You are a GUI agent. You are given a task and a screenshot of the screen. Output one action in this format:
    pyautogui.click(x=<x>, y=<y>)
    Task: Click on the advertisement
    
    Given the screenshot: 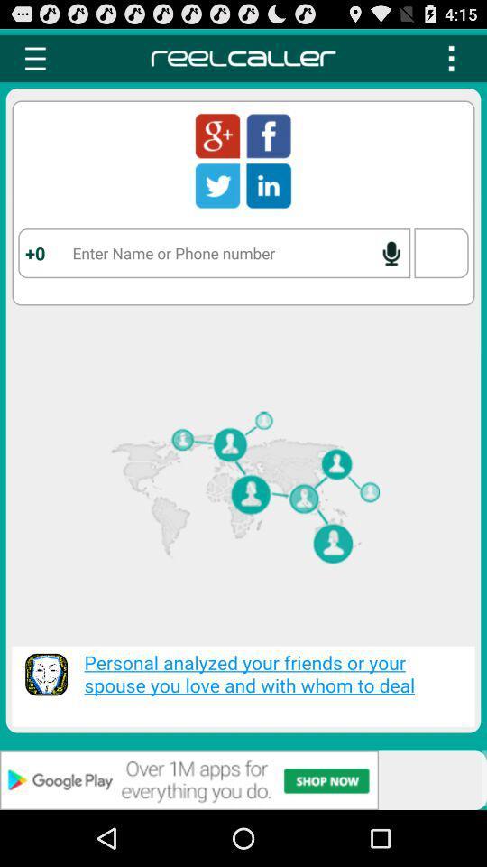 What is the action you would take?
    pyautogui.click(x=243, y=779)
    